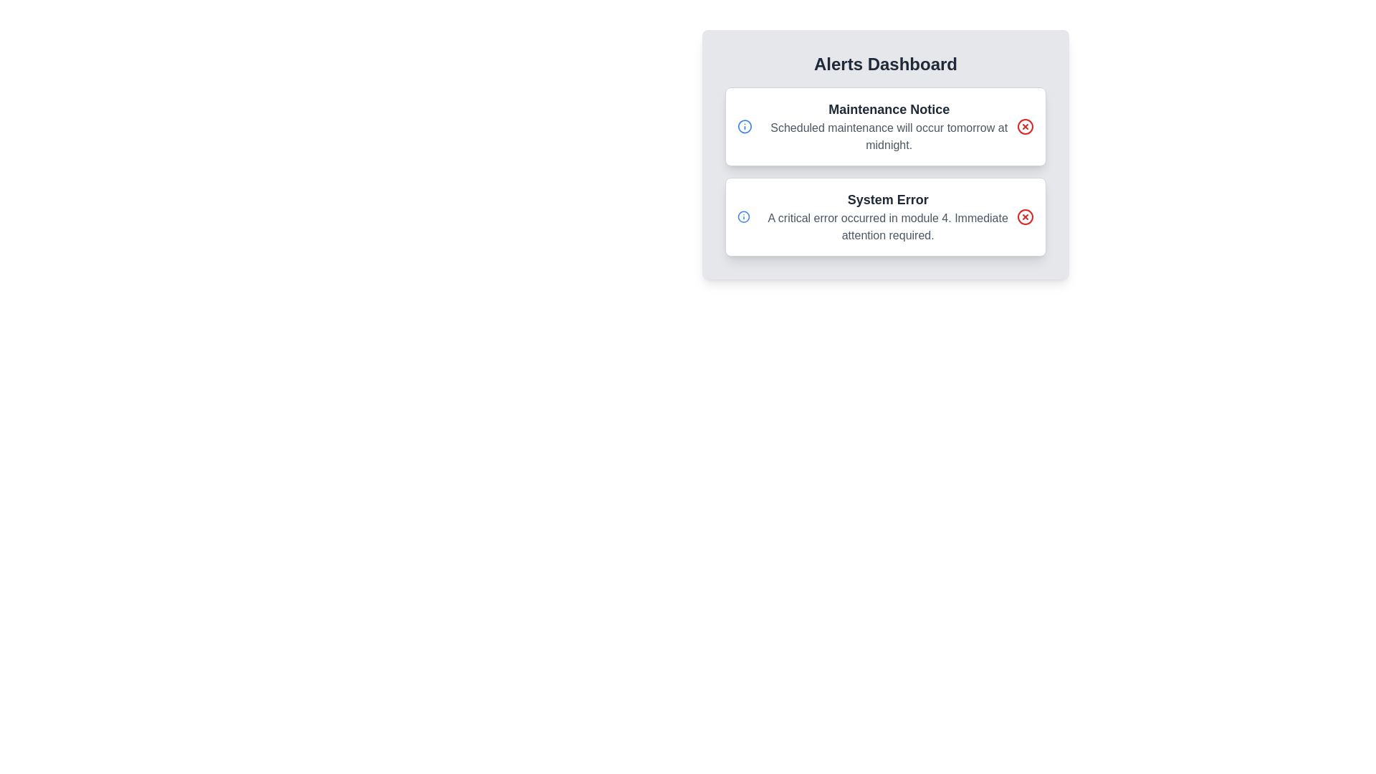 This screenshot has height=774, width=1376. What do you see at coordinates (887, 199) in the screenshot?
I see `the bolded text label displaying 'System Error' at the top of the second alert card in the 'Alerts Dashboard' section` at bounding box center [887, 199].